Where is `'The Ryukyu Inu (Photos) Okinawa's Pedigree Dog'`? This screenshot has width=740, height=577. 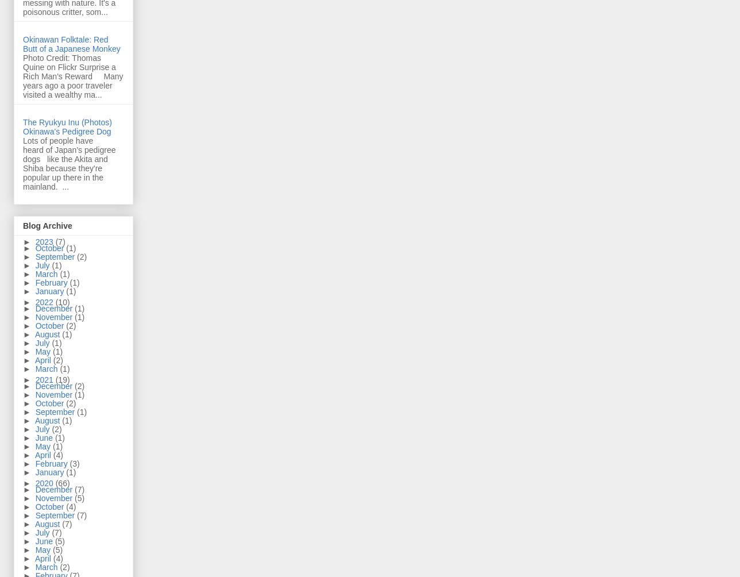 'The Ryukyu Inu (Photos) Okinawa's Pedigree Dog' is located at coordinates (67, 125).